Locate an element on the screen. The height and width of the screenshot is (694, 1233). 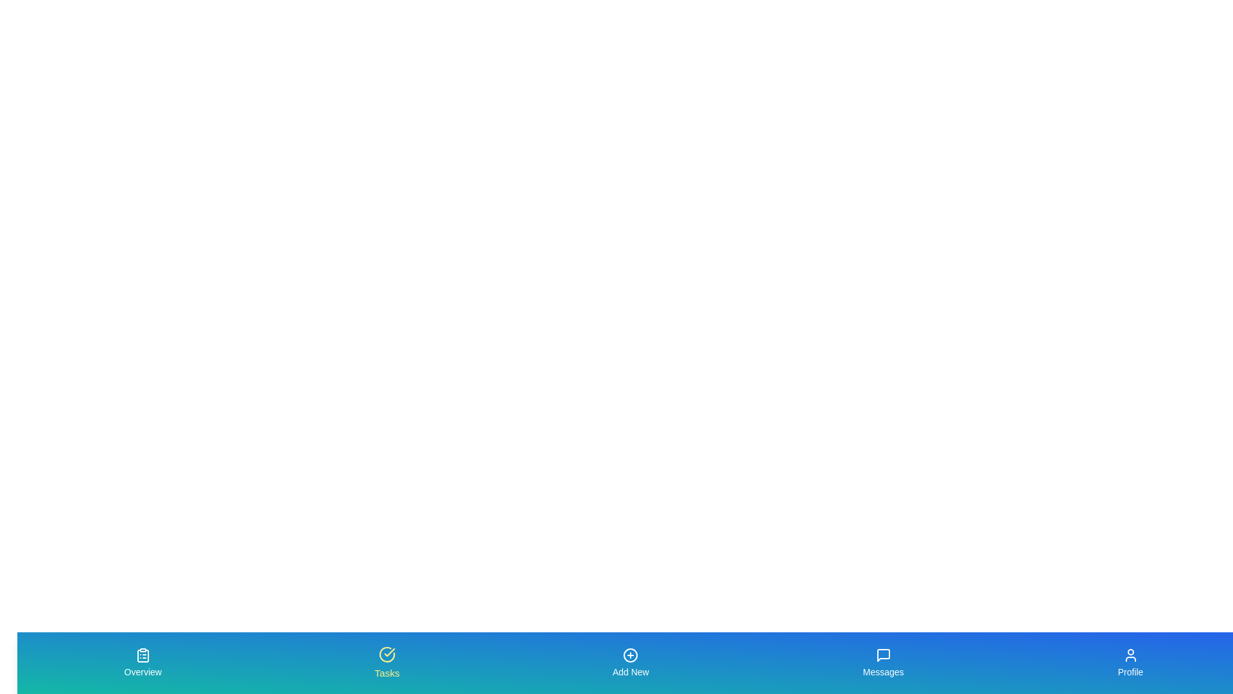
the tab labeled 'Add New' to trigger its hover effect is located at coordinates (631, 663).